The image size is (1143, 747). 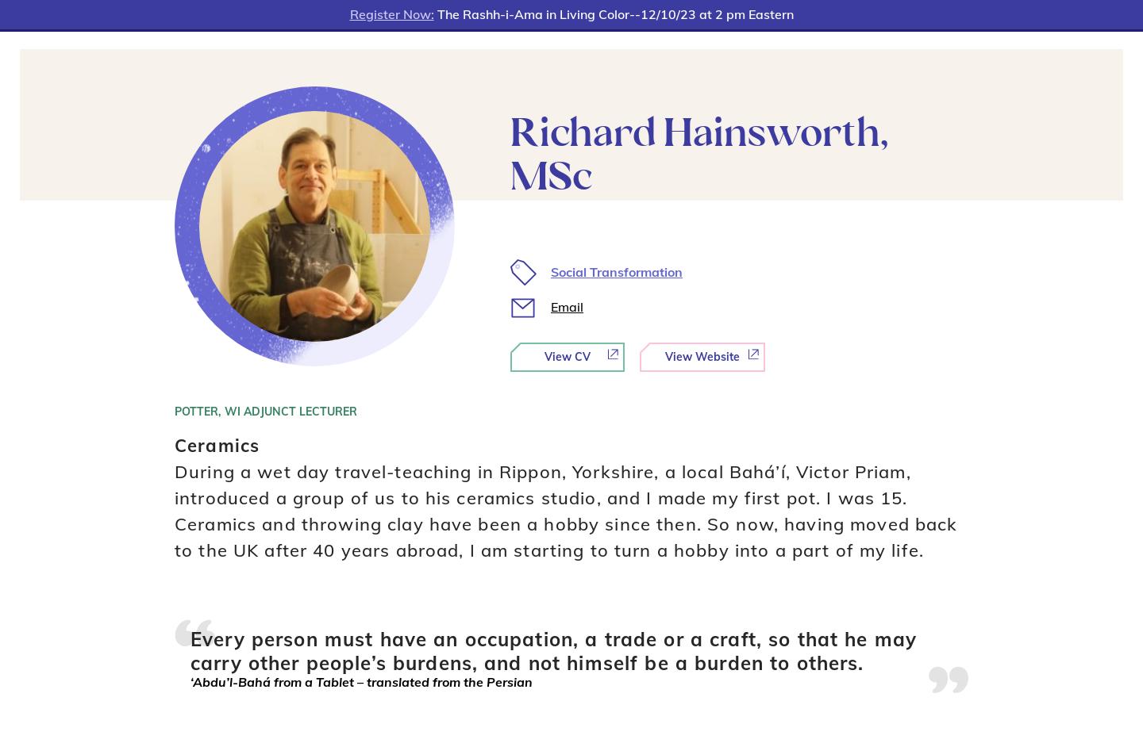 What do you see at coordinates (669, 696) in the screenshot?
I see `'University of the Arts, Philadelphia'` at bounding box center [669, 696].